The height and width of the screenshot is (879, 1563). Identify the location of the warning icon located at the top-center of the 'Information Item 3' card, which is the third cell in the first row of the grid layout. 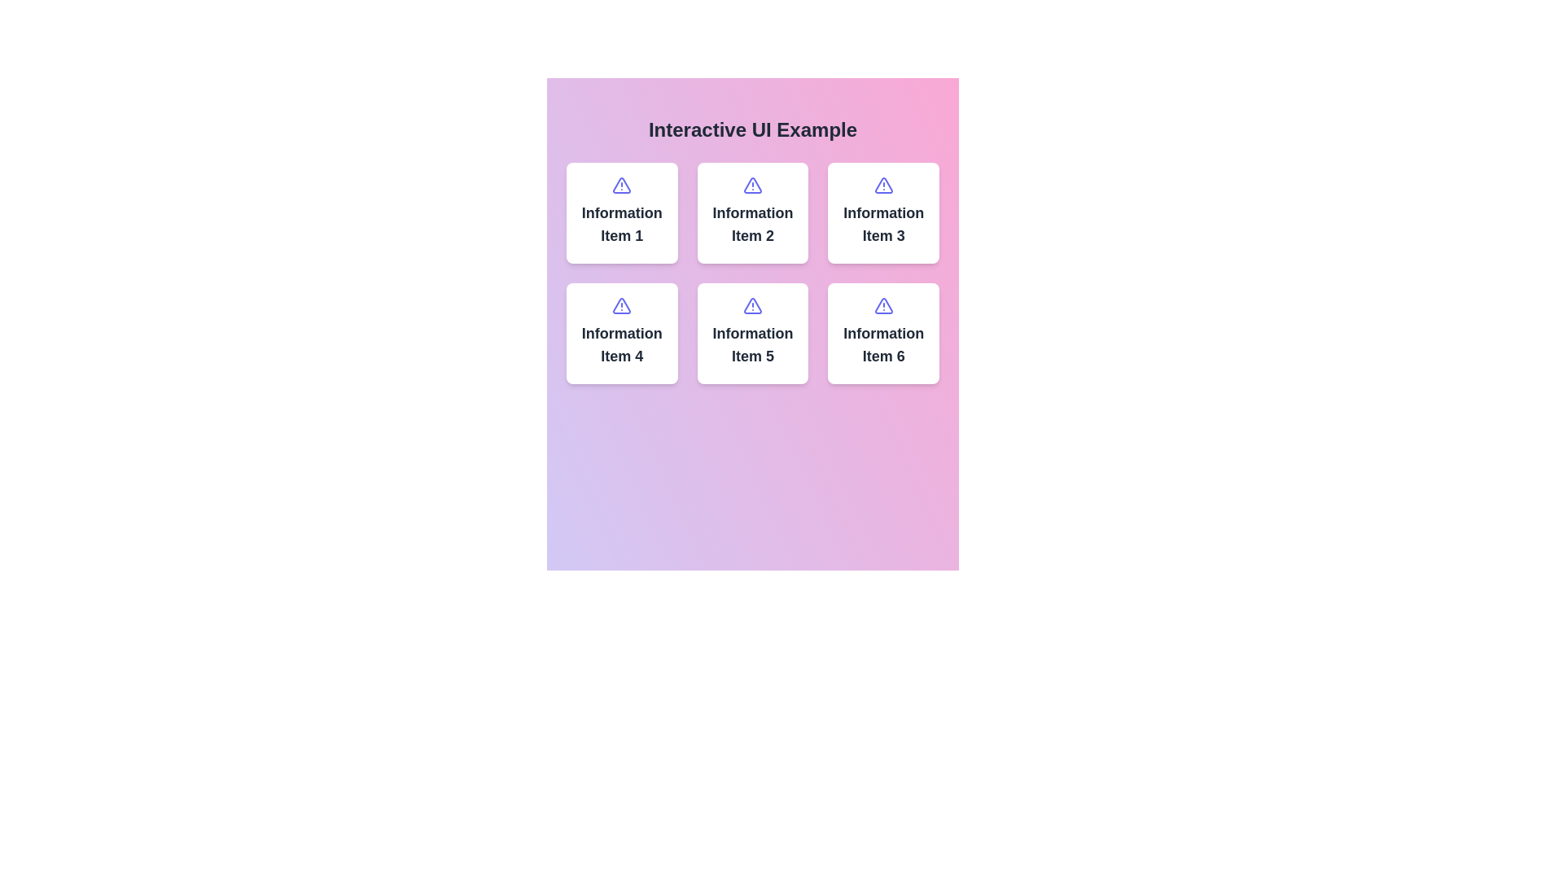
(882, 184).